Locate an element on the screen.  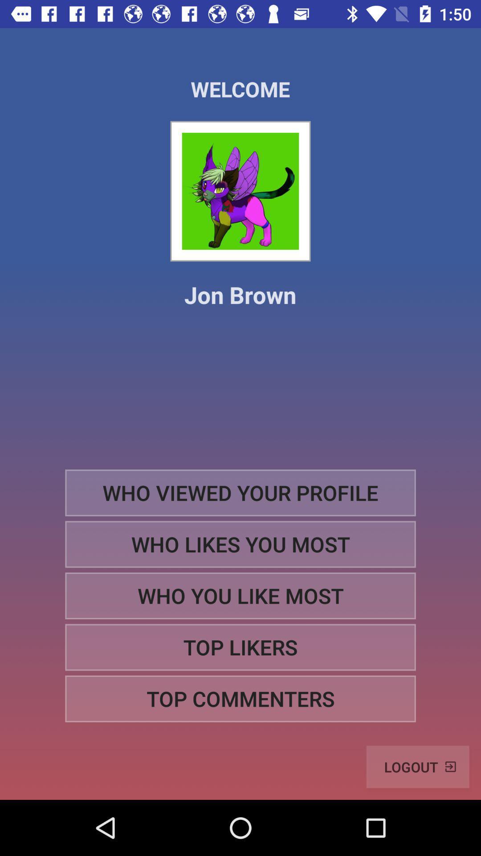
the top commenters is located at coordinates (240, 698).